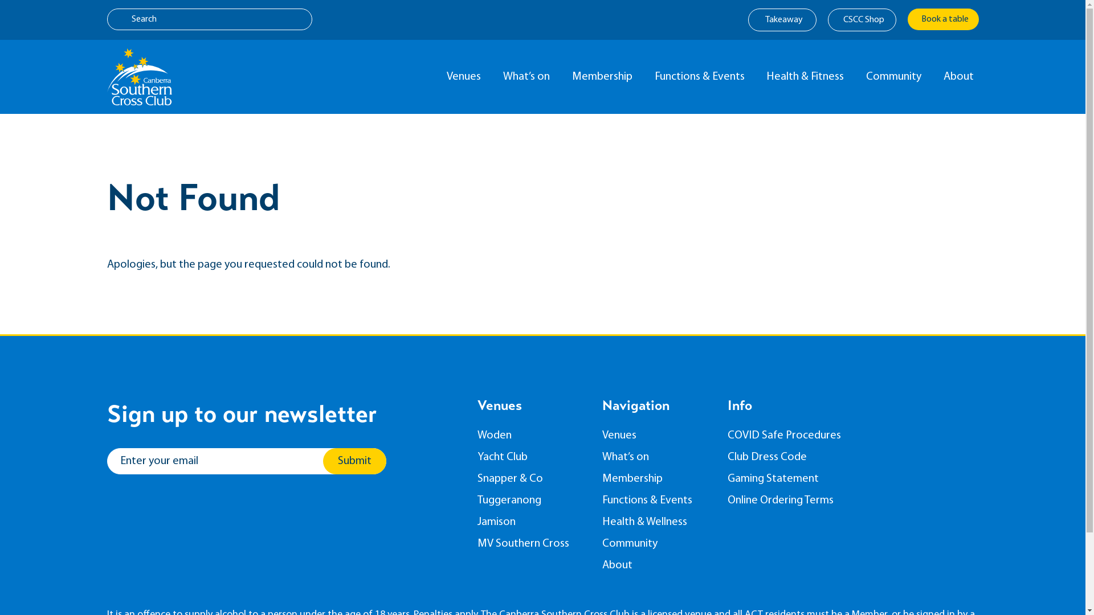  Describe the element at coordinates (477, 543) in the screenshot. I see `'MV Southern Cross'` at that location.